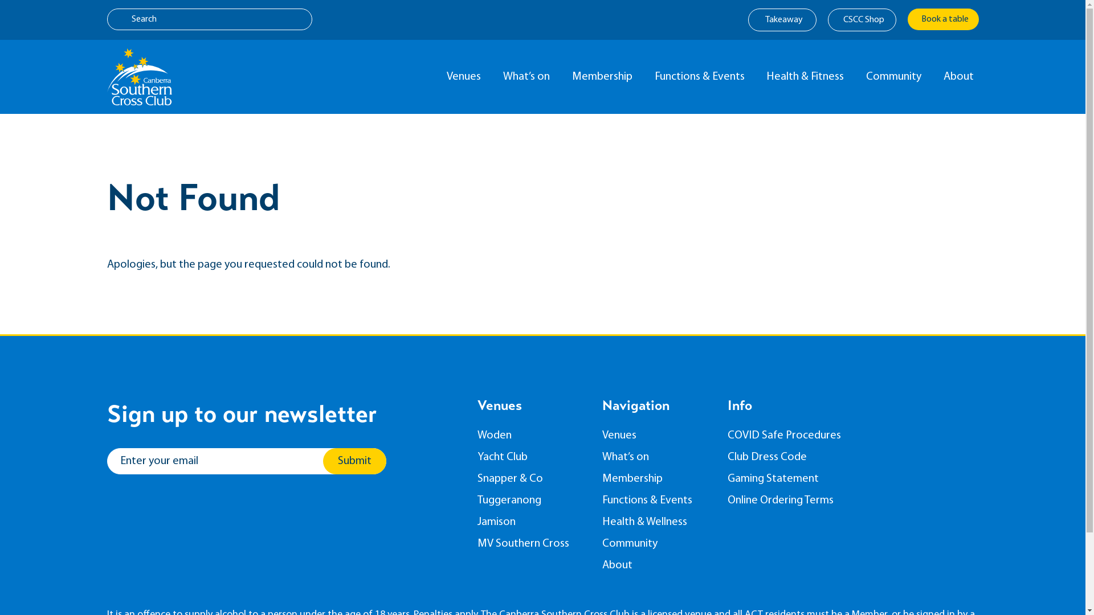  Describe the element at coordinates (477, 543) in the screenshot. I see `'MV Southern Cross'` at that location.